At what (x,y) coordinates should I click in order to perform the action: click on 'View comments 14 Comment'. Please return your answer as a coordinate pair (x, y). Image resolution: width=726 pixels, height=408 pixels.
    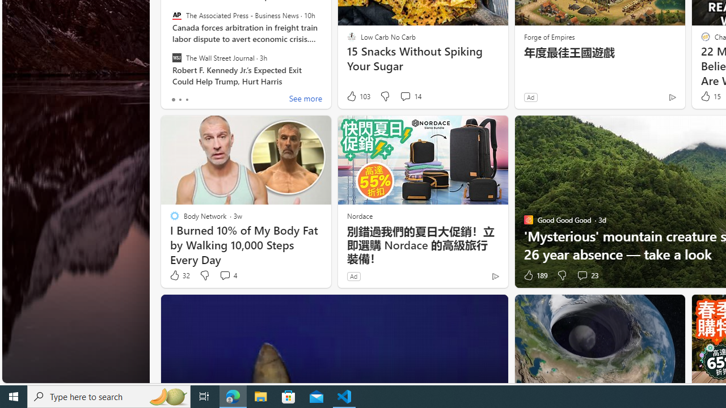
    Looking at the image, I should click on (410, 96).